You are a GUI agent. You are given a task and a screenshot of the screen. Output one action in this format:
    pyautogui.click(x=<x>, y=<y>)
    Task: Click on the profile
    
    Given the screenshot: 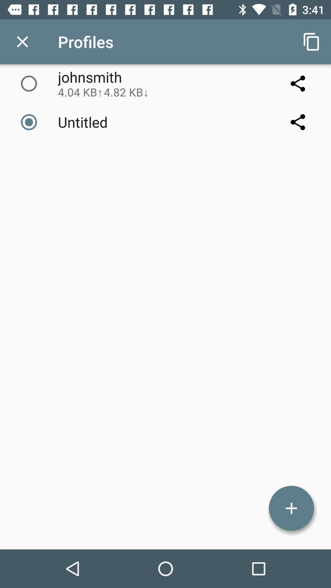 What is the action you would take?
    pyautogui.click(x=291, y=508)
    